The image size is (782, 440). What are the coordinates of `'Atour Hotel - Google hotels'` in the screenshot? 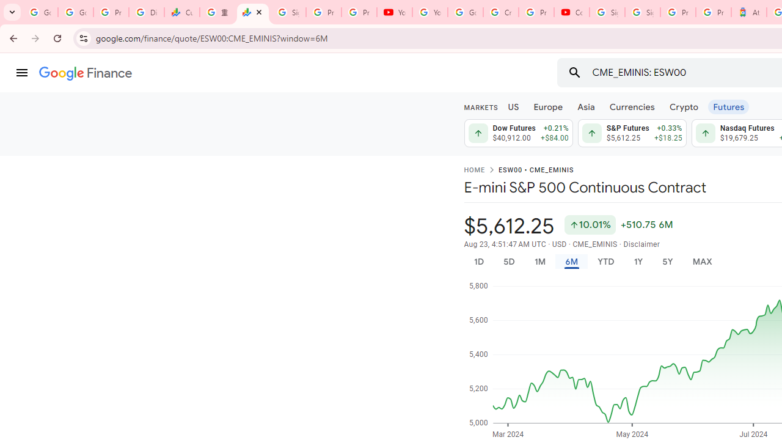 It's located at (748, 12).